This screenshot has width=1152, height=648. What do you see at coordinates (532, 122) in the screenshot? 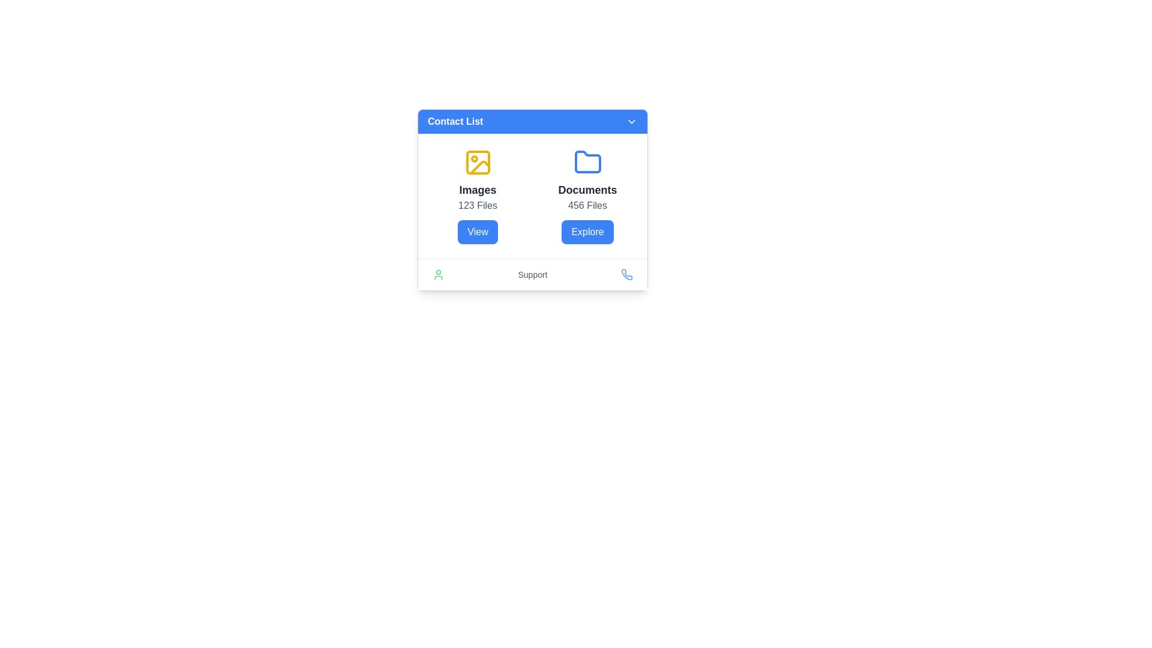
I see `the dropdown toggle button at the top of the contact list section` at bounding box center [532, 122].